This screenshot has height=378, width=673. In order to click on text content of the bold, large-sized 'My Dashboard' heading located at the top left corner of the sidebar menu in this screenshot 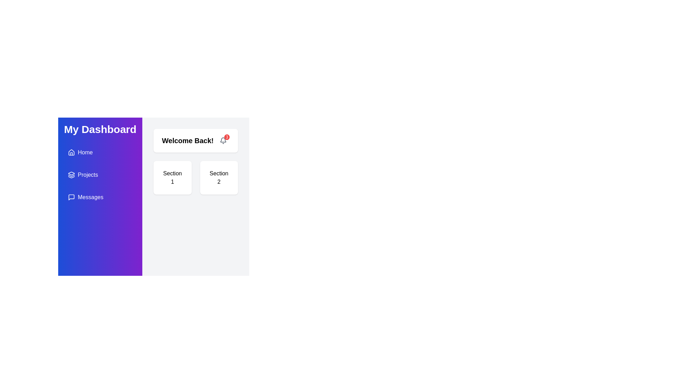, I will do `click(100, 129)`.